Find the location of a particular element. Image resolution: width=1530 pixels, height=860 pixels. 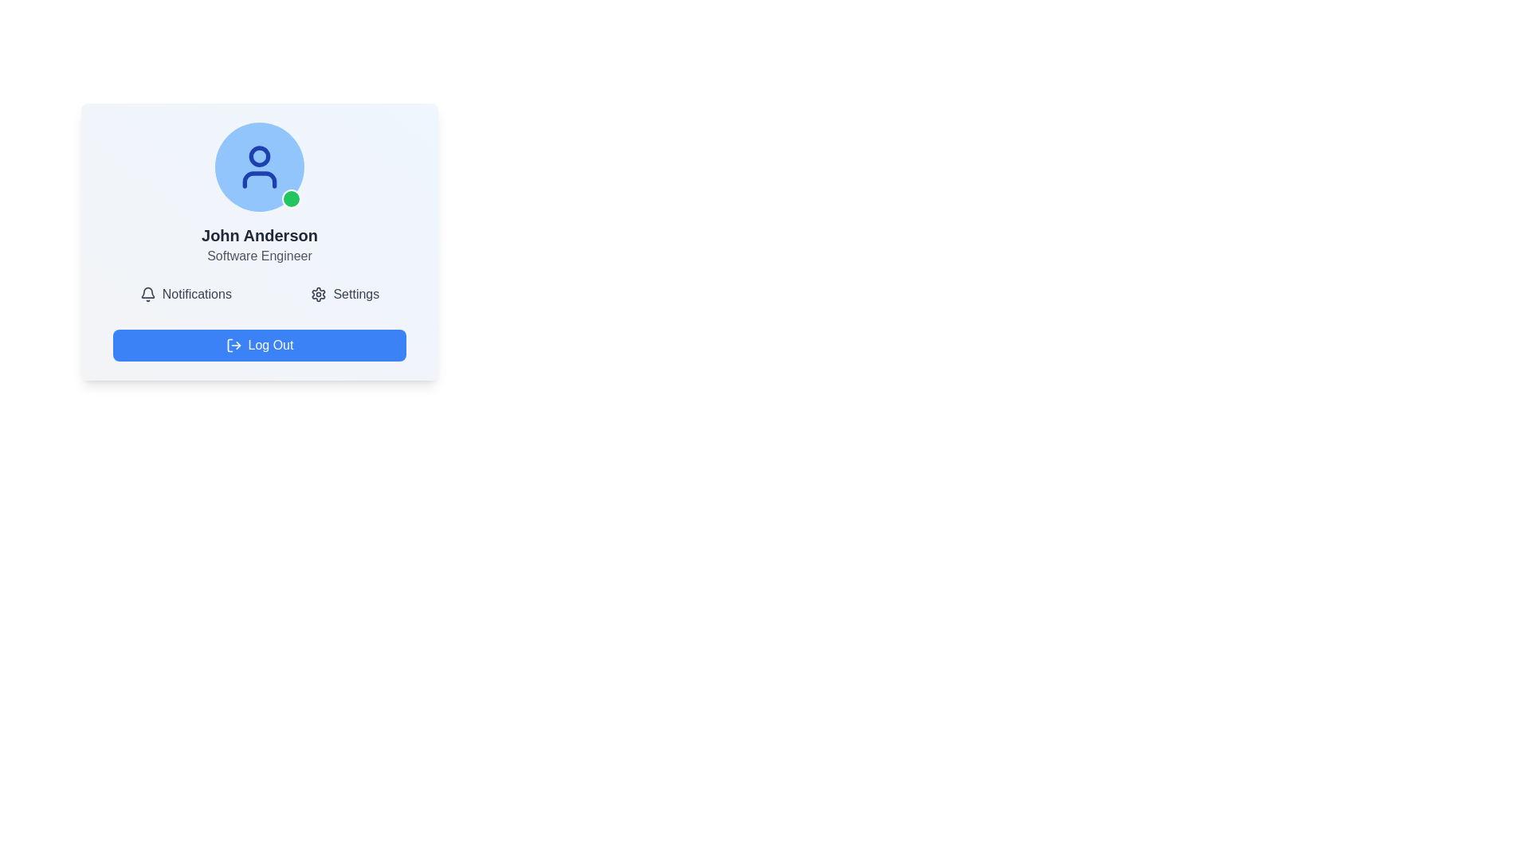

the 'Log Out' text label within the blue rounded button located at the center bottom of the interface is located at coordinates (271, 345).